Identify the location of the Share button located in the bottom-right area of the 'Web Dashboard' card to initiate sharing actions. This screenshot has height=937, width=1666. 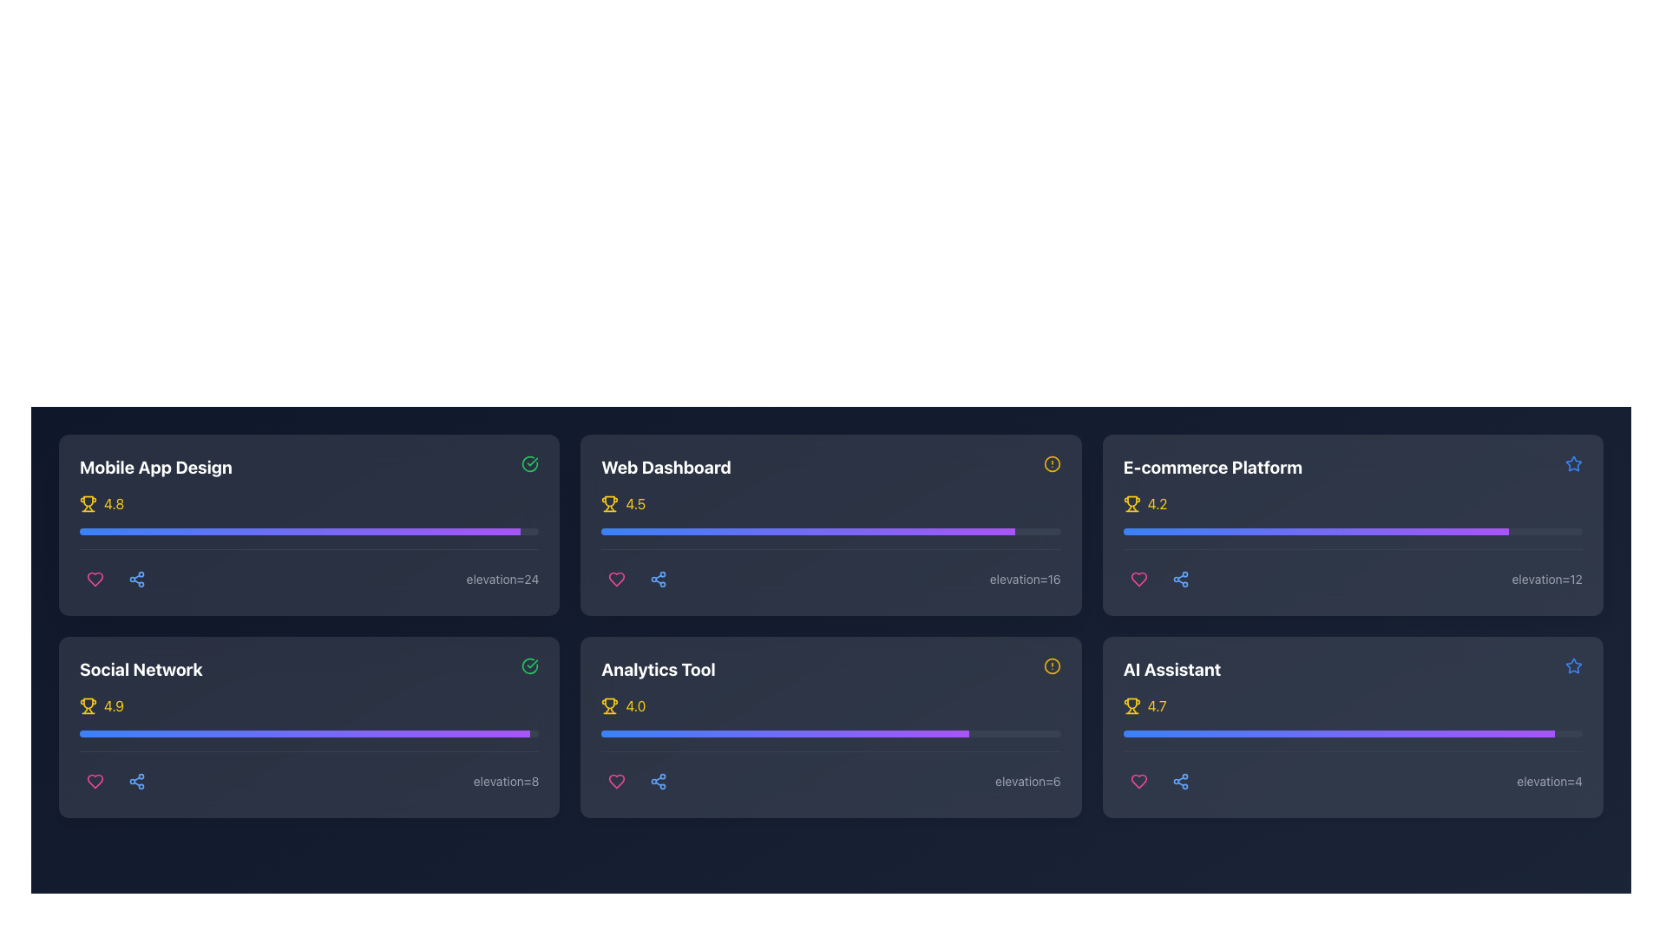
(658, 579).